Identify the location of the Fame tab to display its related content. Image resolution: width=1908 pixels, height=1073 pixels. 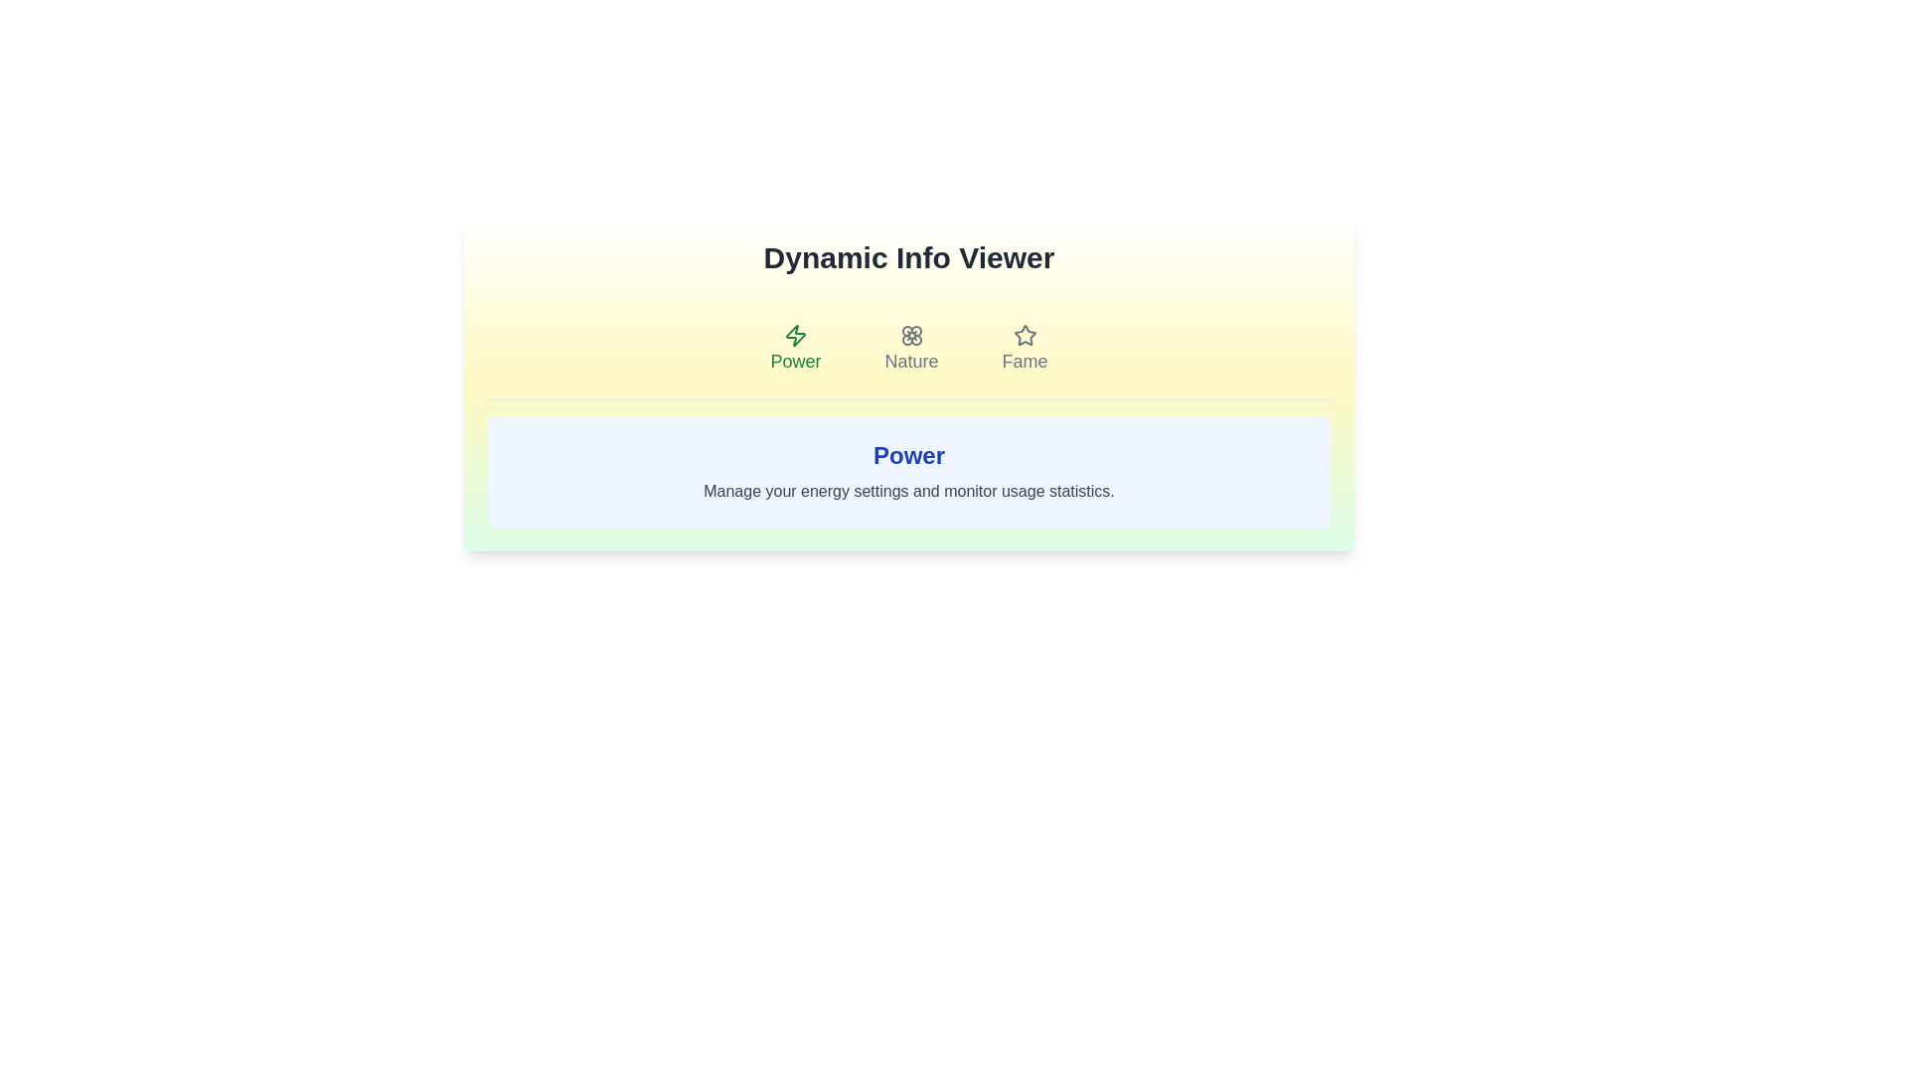
(1025, 348).